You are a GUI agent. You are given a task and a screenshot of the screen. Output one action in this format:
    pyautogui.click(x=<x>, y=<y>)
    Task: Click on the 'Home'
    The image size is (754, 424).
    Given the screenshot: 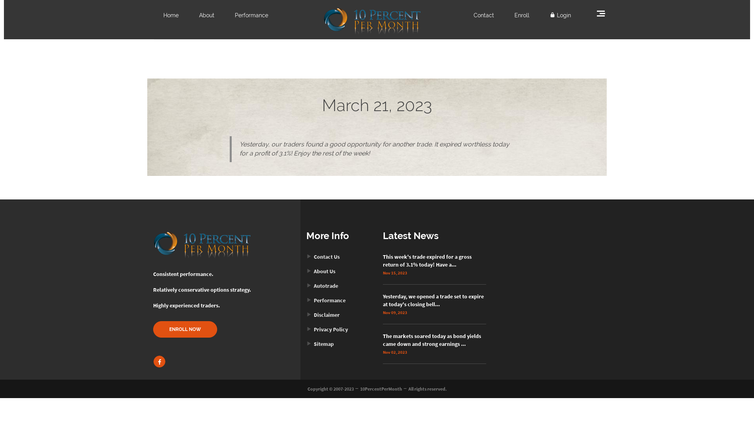 What is the action you would take?
    pyautogui.click(x=163, y=15)
    